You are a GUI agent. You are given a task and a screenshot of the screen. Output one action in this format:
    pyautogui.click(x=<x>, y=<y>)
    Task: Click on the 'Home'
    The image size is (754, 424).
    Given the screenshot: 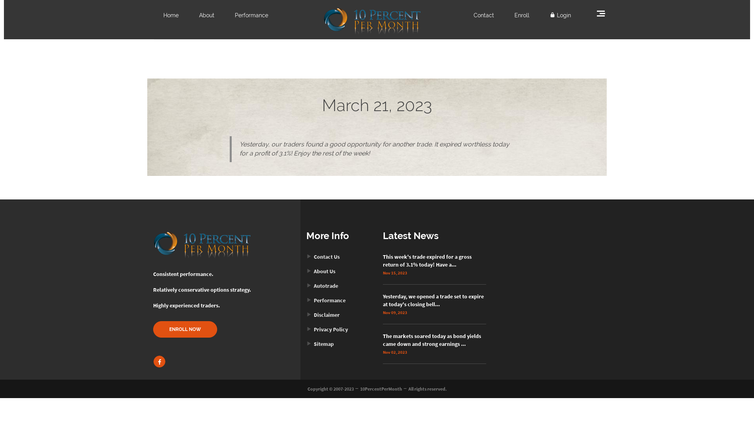 What is the action you would take?
    pyautogui.click(x=163, y=15)
    